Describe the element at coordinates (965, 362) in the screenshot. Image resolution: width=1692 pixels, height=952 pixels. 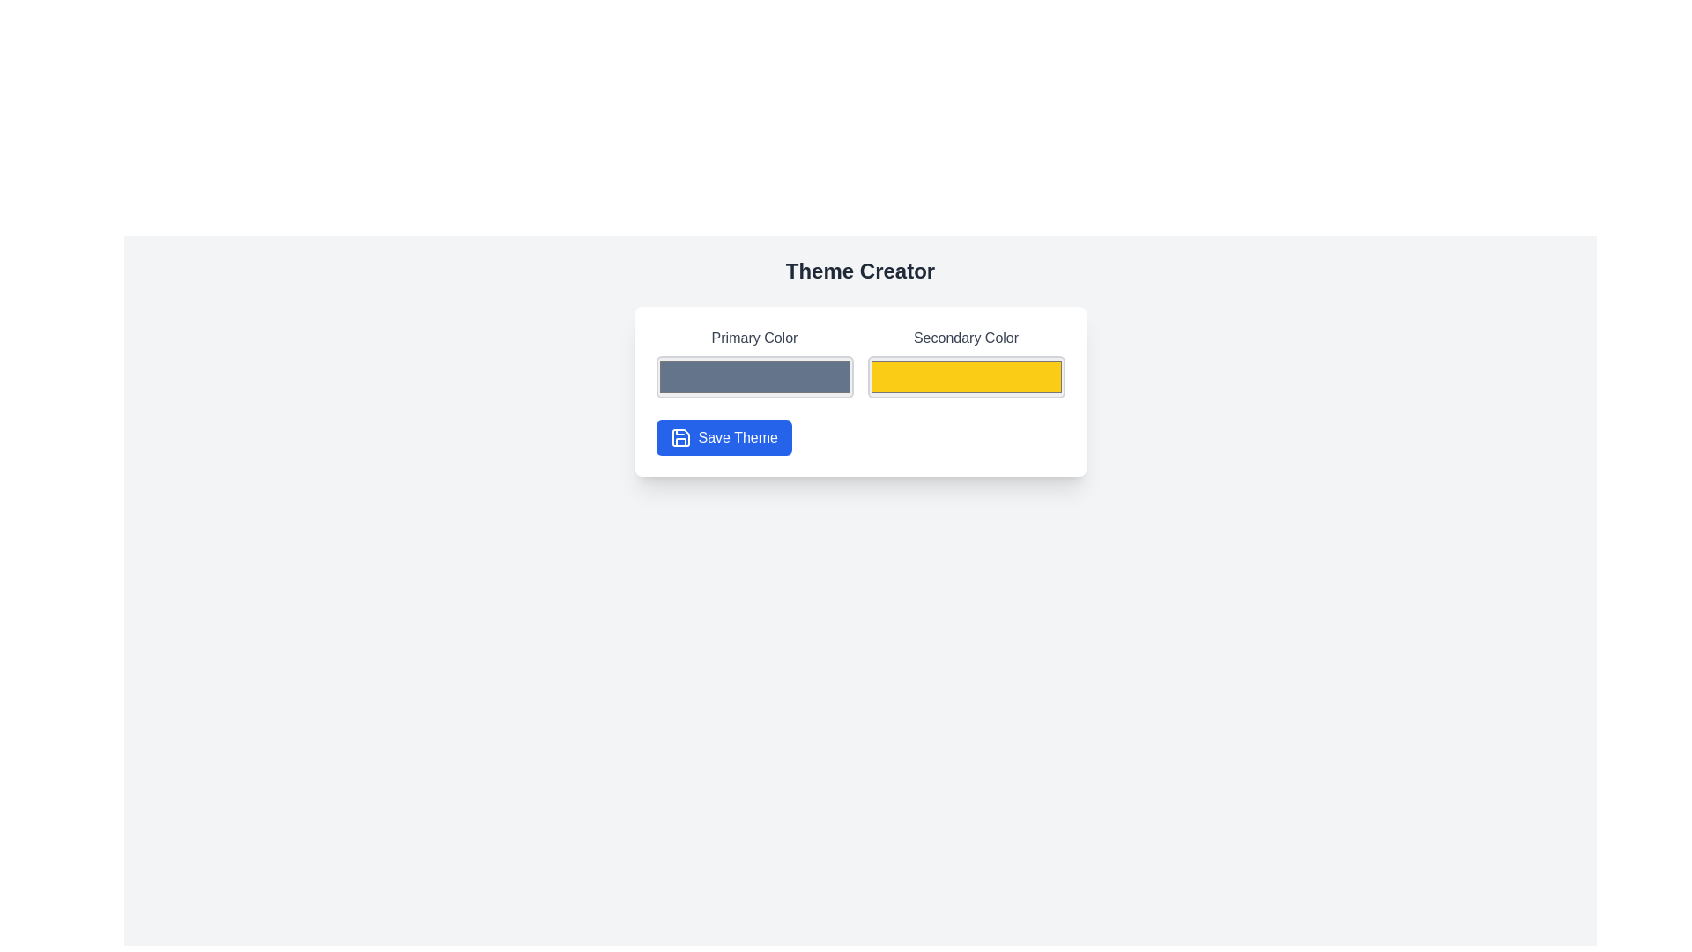
I see `the yellow color picker with rounded corners labeled 'Secondary Color'` at that location.